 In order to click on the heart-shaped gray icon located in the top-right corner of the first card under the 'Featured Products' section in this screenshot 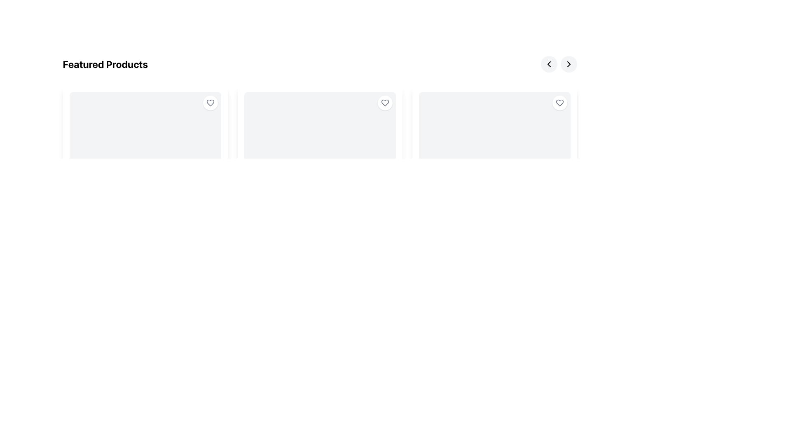, I will do `click(210, 103)`.